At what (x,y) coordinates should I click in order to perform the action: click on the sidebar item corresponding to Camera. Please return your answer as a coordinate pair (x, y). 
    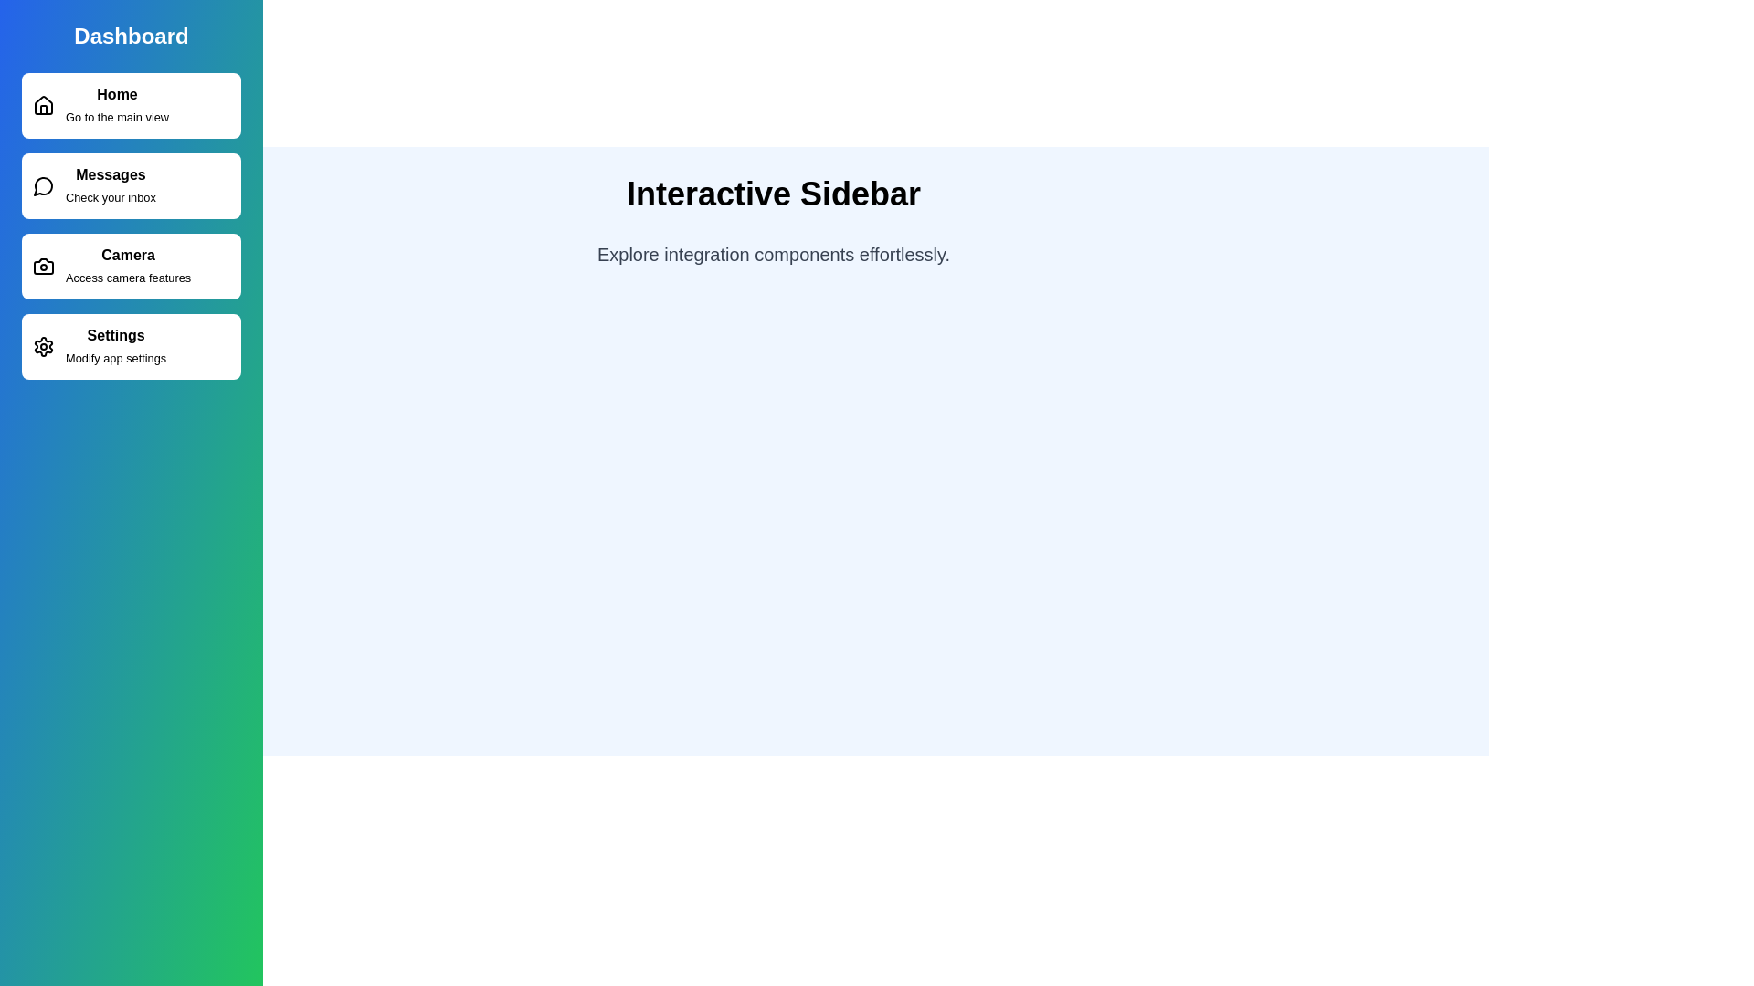
    Looking at the image, I should click on (131, 267).